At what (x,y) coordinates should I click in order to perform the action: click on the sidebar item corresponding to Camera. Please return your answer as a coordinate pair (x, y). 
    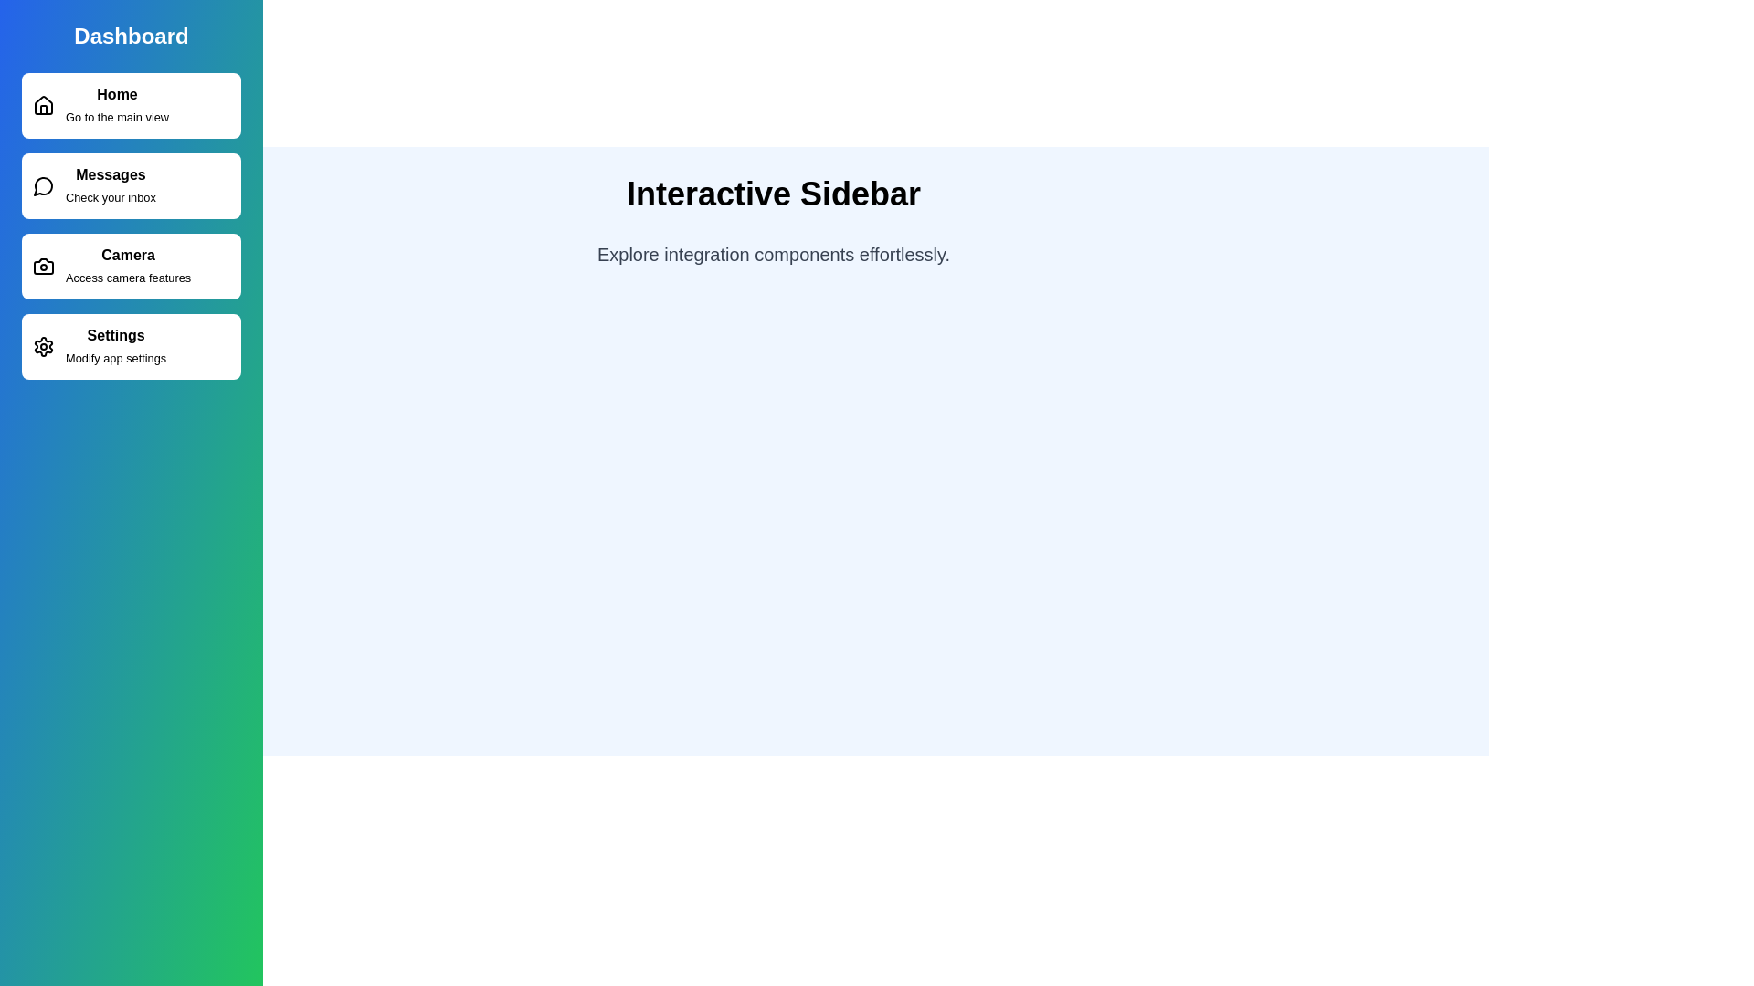
    Looking at the image, I should click on (131, 267).